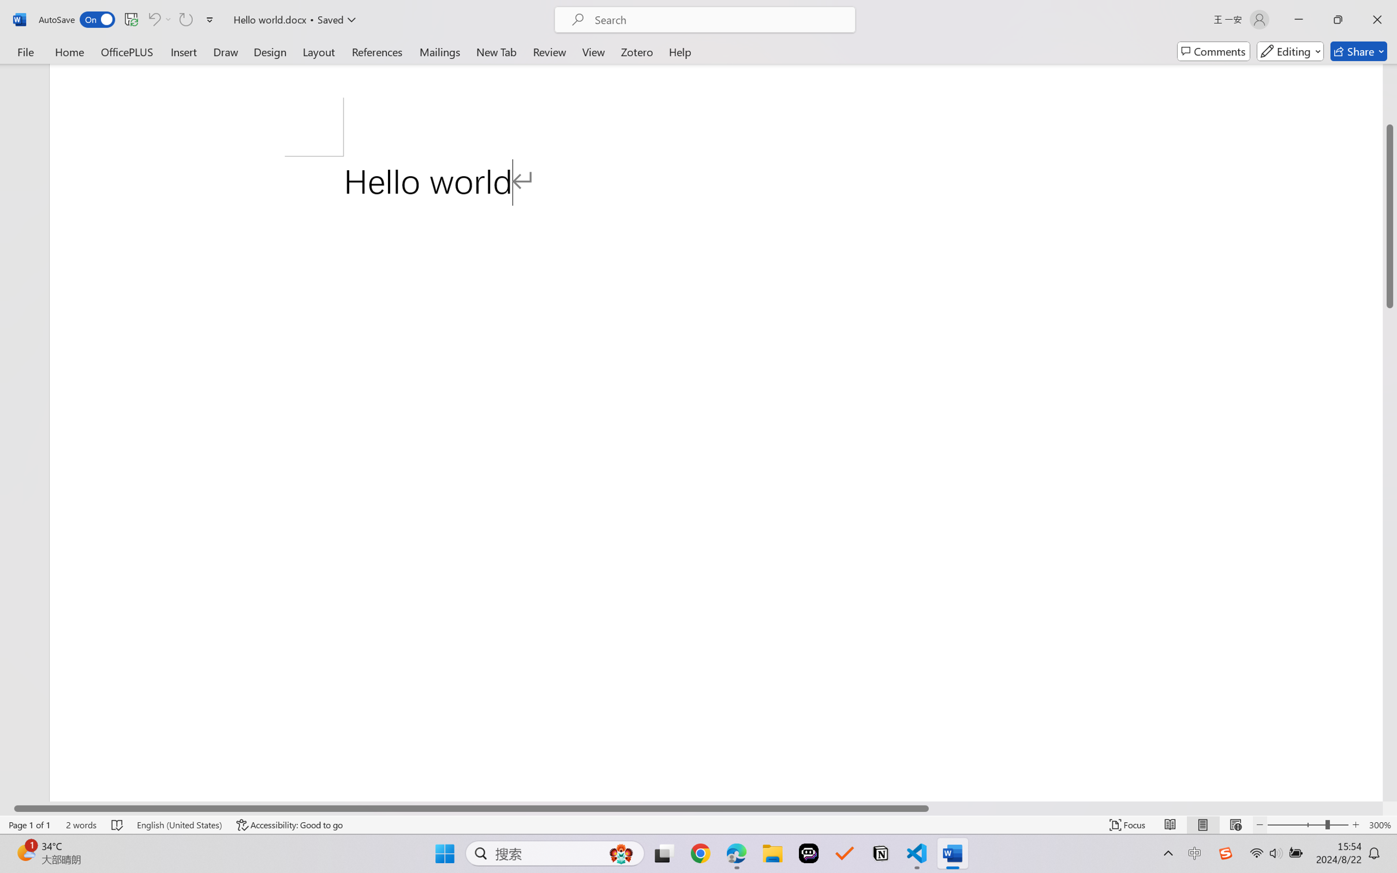 This screenshot has width=1397, height=873. What do you see at coordinates (1358, 51) in the screenshot?
I see `'Share'` at bounding box center [1358, 51].